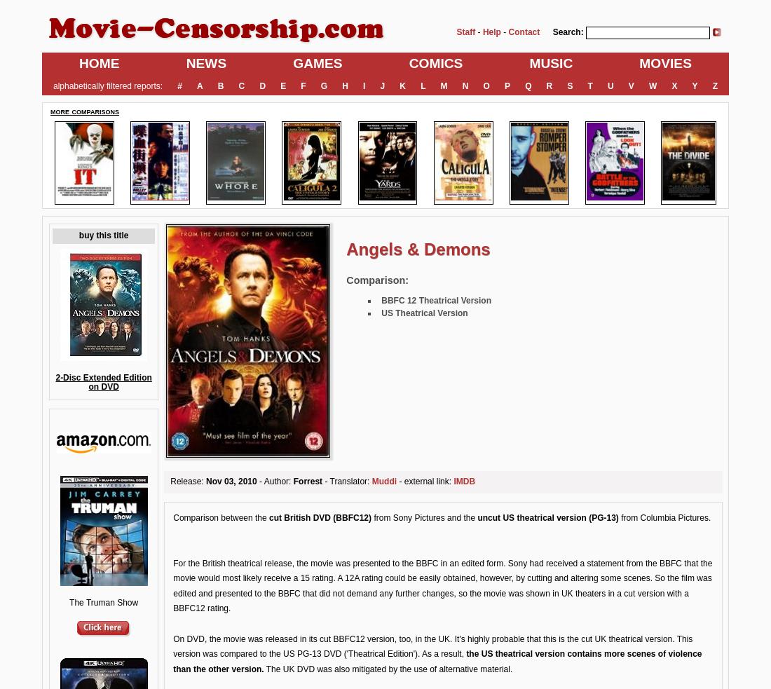 The image size is (771, 689). I want to click on 'Z', so click(714, 84).